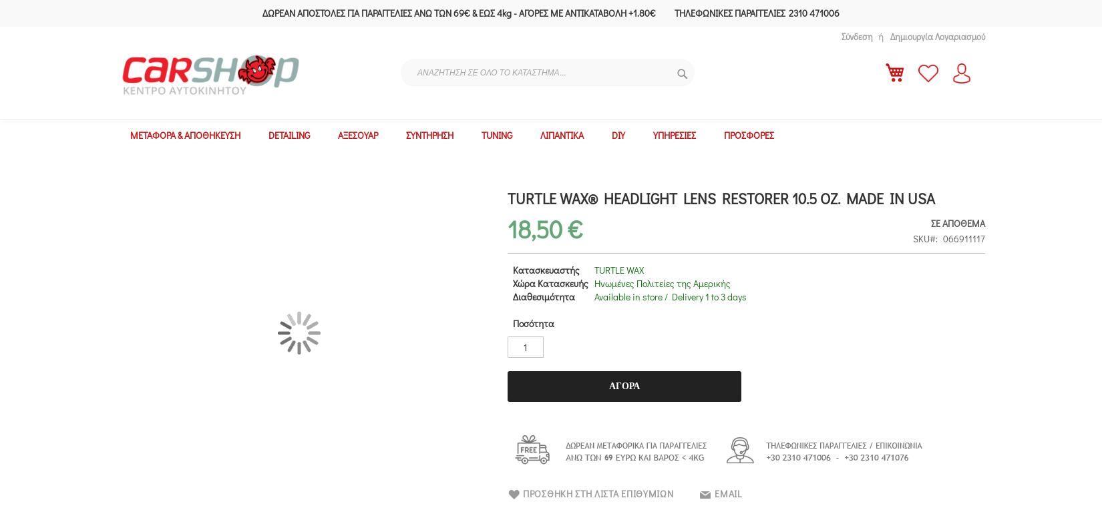  I want to click on 'TURTLE WAX® HEADLIGHT LENS RESTORER 10.5 oz. MADE IN USA', so click(721, 198).